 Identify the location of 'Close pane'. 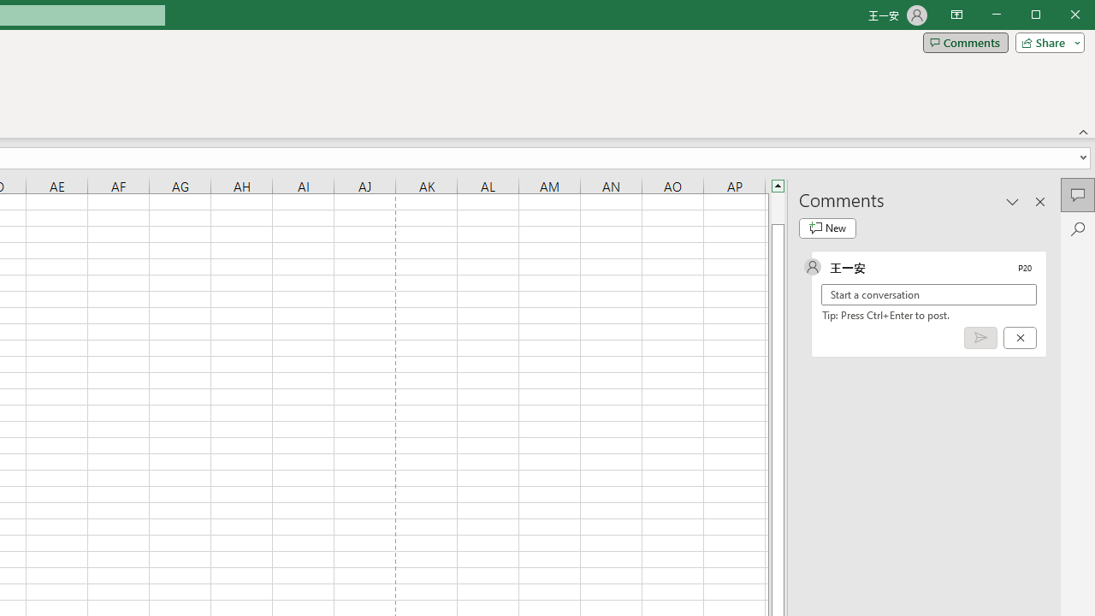
(1039, 200).